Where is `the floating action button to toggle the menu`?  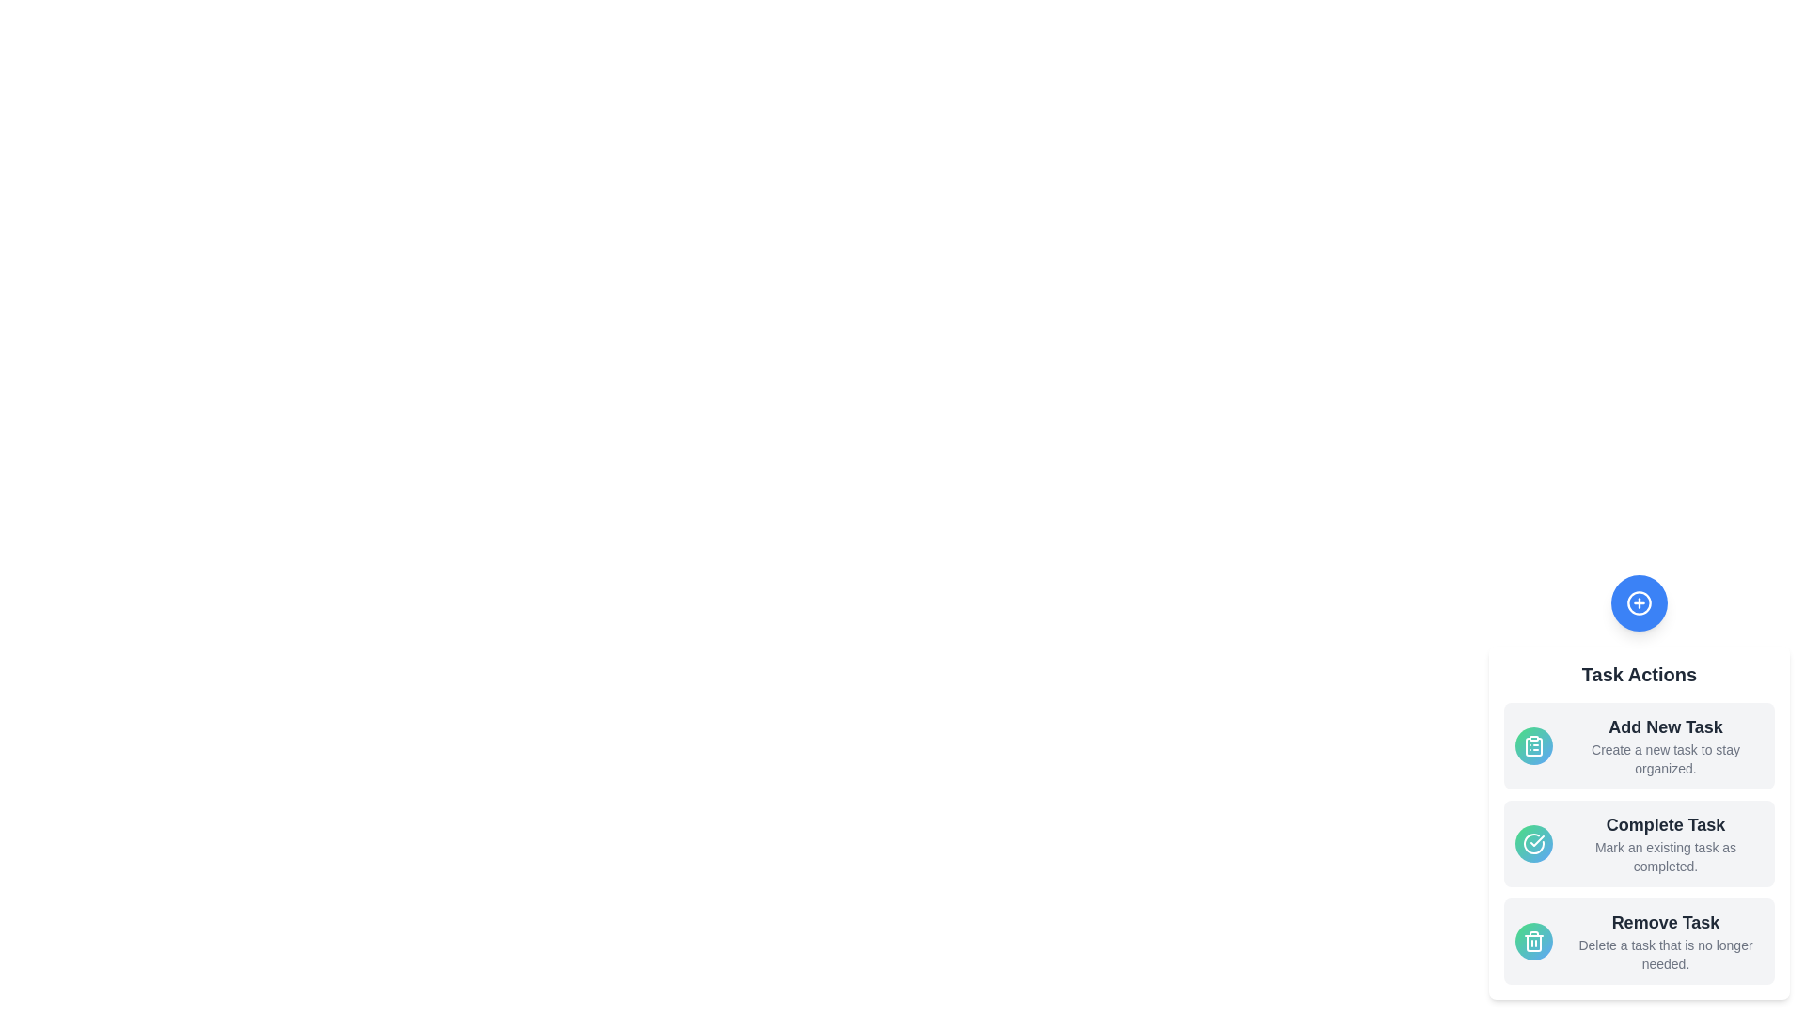
the floating action button to toggle the menu is located at coordinates (1638, 602).